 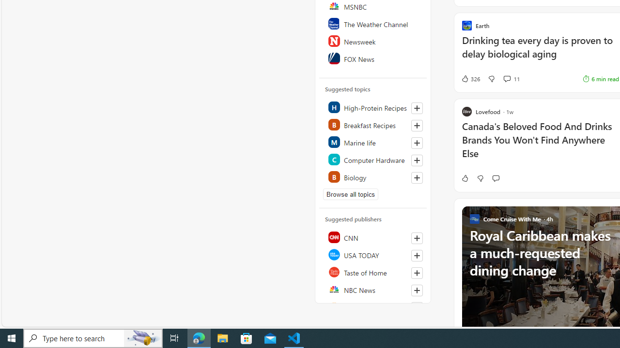 I want to click on 'Taste of Home', so click(x=373, y=272).